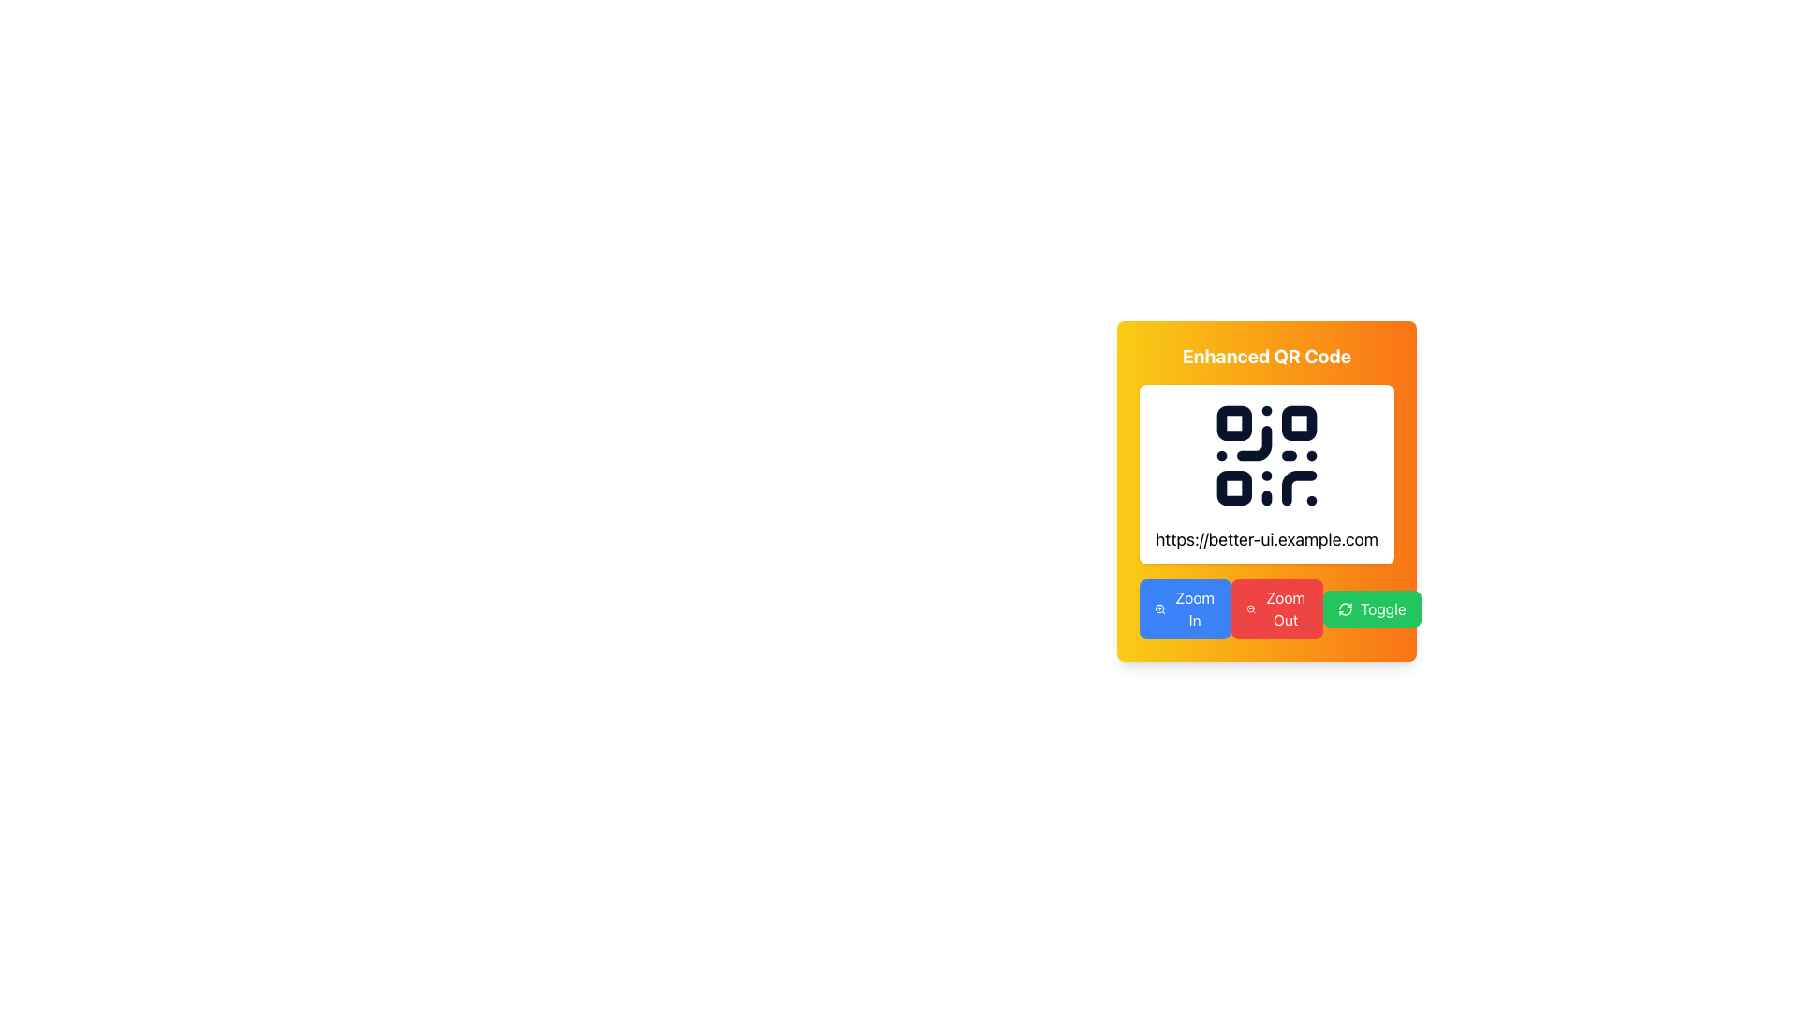 The image size is (1798, 1011). Describe the element at coordinates (1159, 609) in the screenshot. I see `the Zoom In icon located within the blue button at the lower-left corner of the main card section` at that location.